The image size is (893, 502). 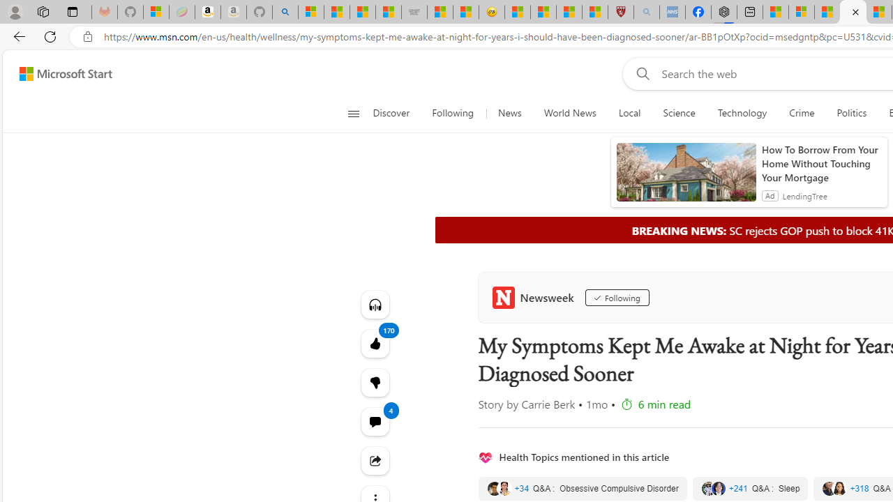 I want to click on 'Class: quote-thumbnail', so click(x=839, y=487).